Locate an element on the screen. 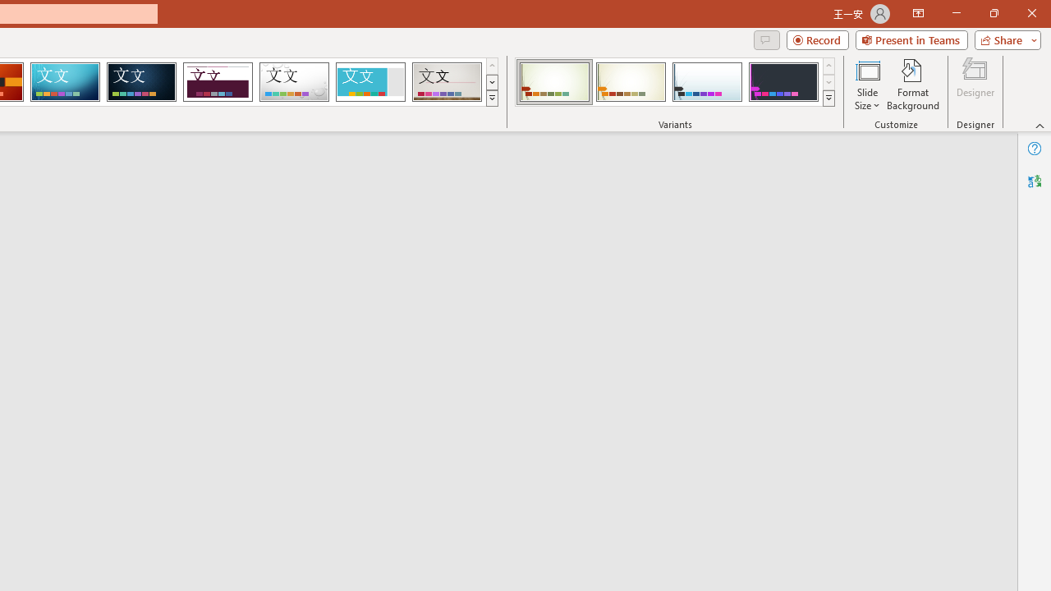 The image size is (1051, 591). 'Designer' is located at coordinates (975, 85).